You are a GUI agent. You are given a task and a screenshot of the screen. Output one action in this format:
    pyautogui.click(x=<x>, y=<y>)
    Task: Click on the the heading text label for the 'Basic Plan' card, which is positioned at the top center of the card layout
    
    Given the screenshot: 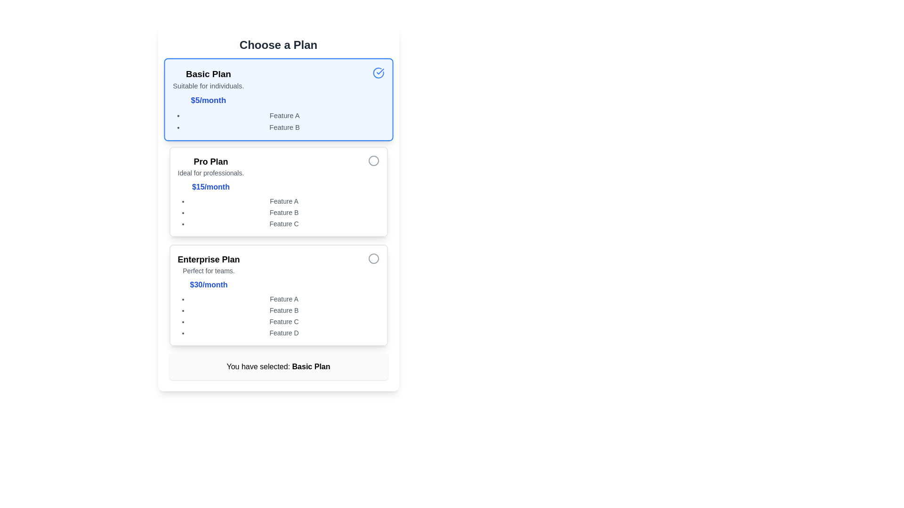 What is the action you would take?
    pyautogui.click(x=208, y=73)
    